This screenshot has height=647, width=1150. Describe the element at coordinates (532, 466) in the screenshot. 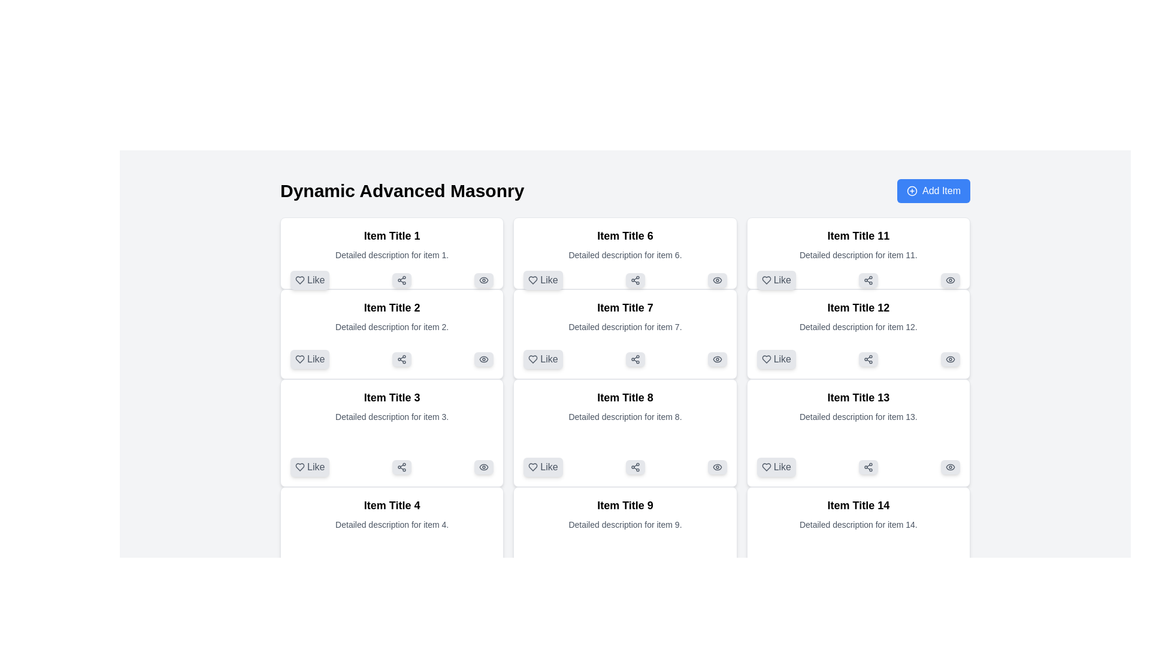

I see `the center of the heart-shaped icon within the 'Like' button located under 'Item Title 8'` at that location.